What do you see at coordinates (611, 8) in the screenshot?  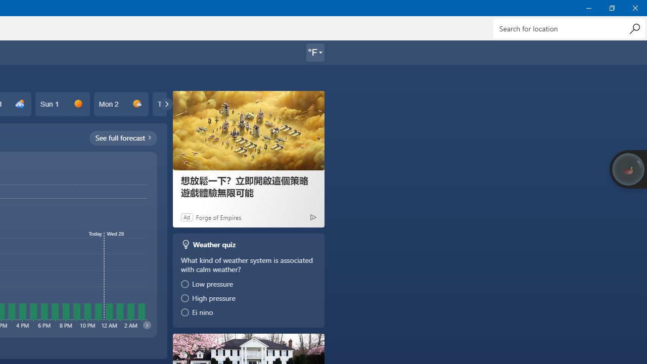 I see `'Restore Weather'` at bounding box center [611, 8].